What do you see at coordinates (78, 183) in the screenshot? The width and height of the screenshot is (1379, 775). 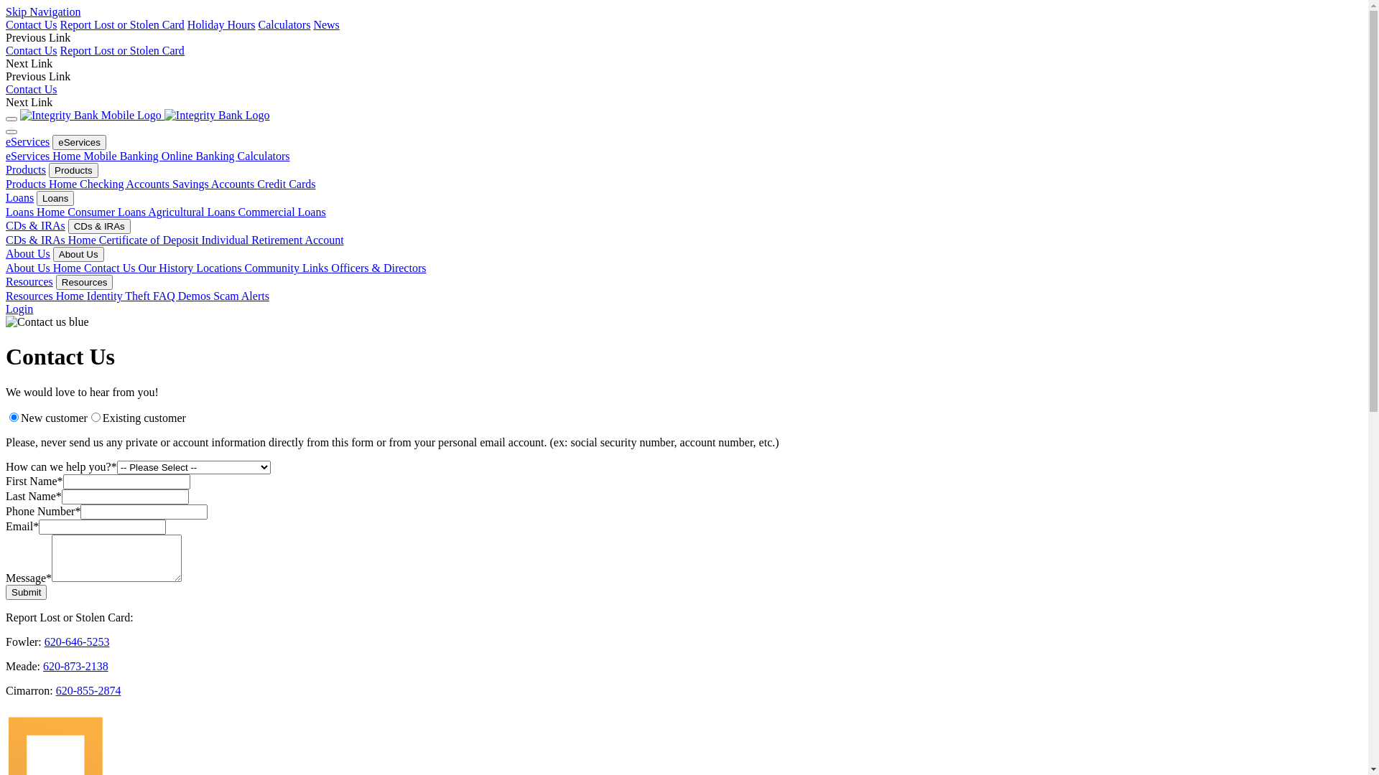 I see `'Checking Accounts'` at bounding box center [78, 183].